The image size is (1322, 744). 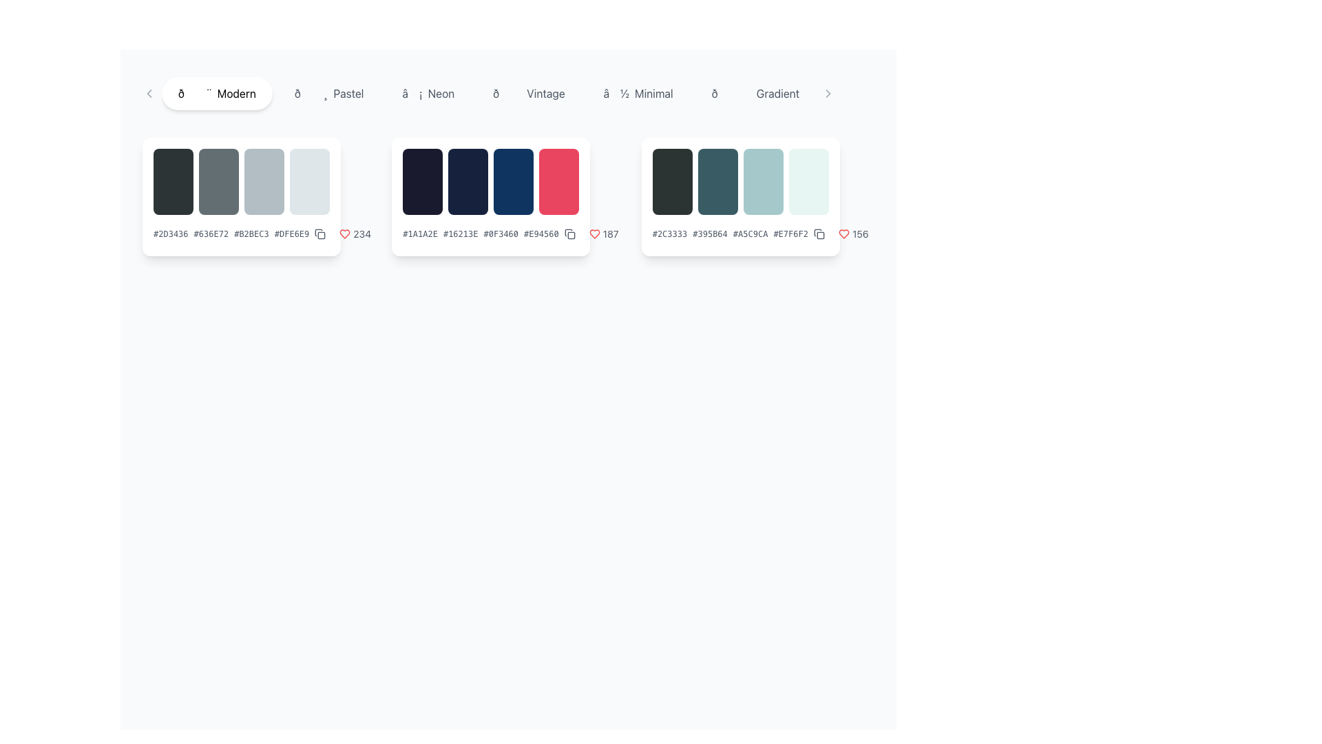 I want to click on the chevron arrow SVG icon located near the top-left corner of the interface, so click(x=149, y=93).